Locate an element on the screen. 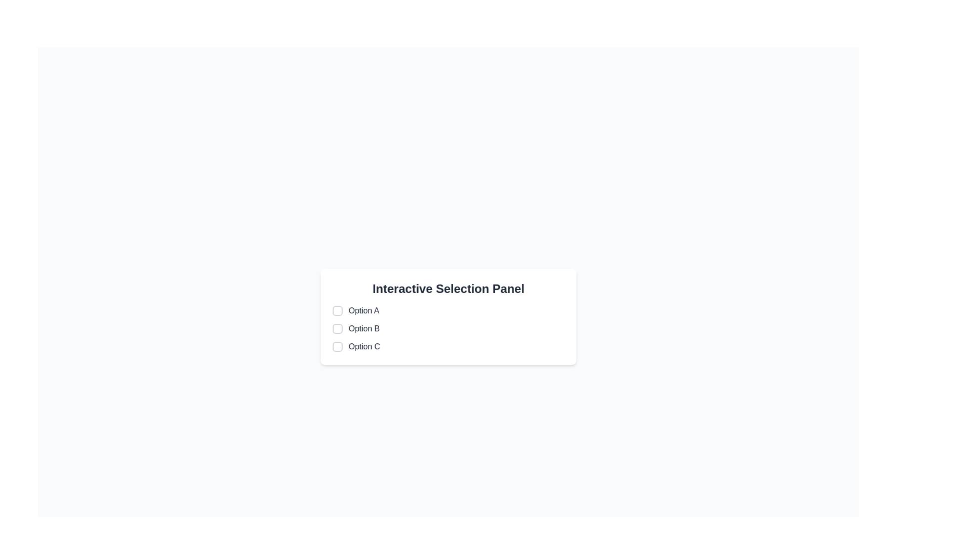 The height and width of the screenshot is (539, 959). the text label 'Option C' which is displayed in dark gray font to the right of the associated checkbox in the third row of the options list is located at coordinates (364, 346).